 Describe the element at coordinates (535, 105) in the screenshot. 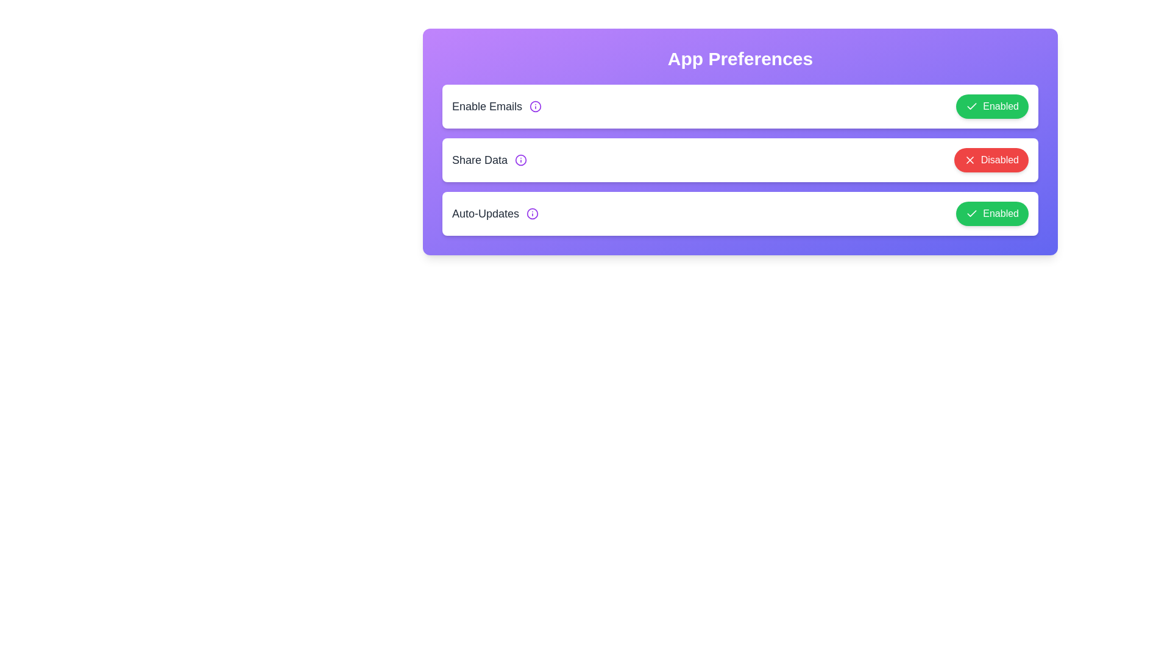

I see `the info icon for Enable Emails` at that location.